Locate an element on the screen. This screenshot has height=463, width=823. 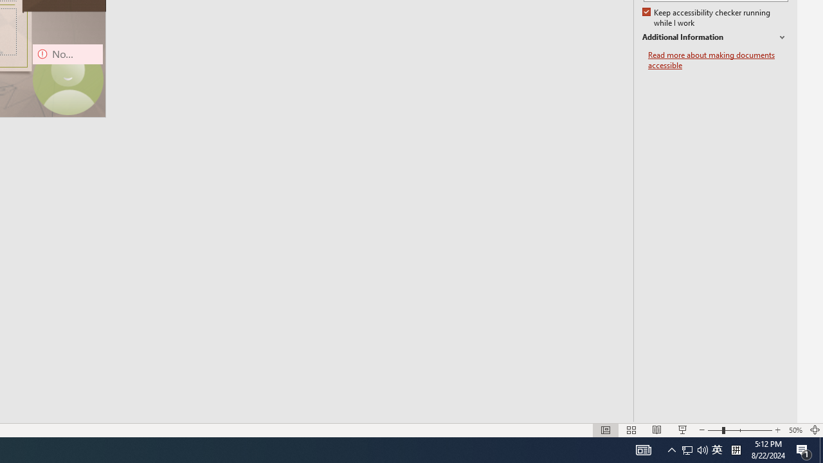
'Slide Sorter' is located at coordinates (631, 430).